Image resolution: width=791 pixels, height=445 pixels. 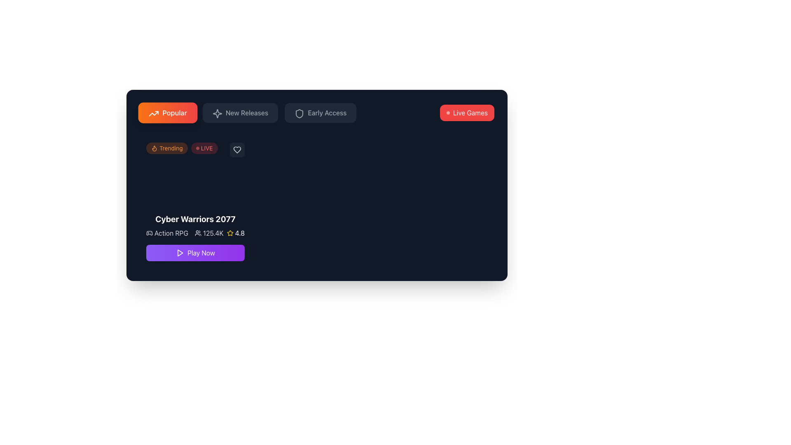 I want to click on the 'Trending' and 'LIVE' status indicator badge located beneath the 'Popular', 'New Releases', and 'Early Access' buttons, and to the left of the heart-shaped icon, so click(x=181, y=148).